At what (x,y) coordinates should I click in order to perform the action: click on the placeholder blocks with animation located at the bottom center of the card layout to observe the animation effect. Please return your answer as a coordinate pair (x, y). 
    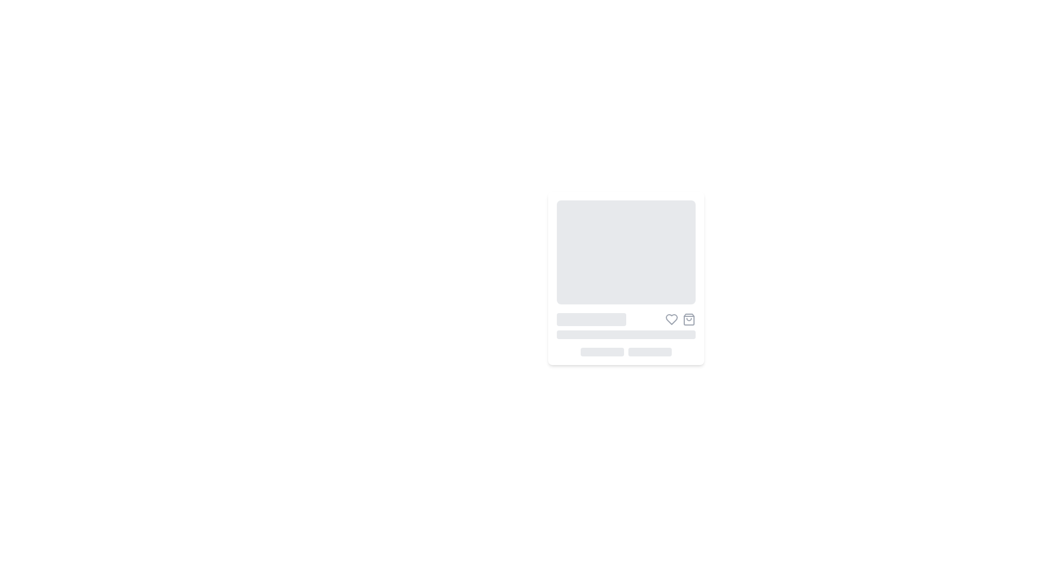
    Looking at the image, I should click on (626, 352).